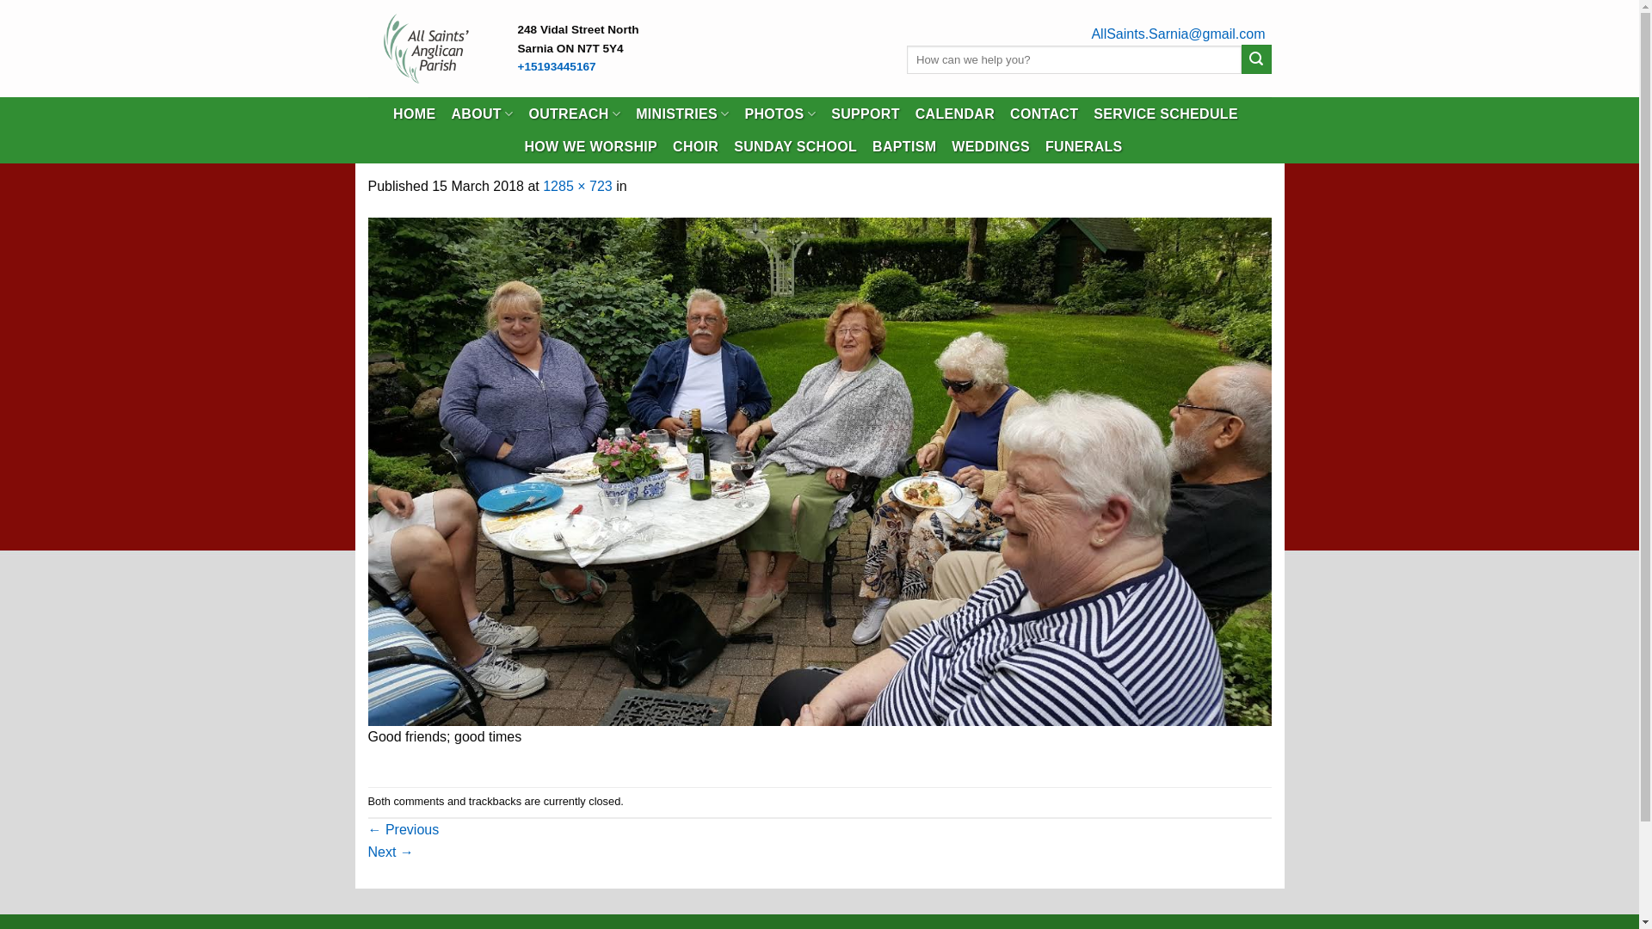 The width and height of the screenshot is (1652, 929). What do you see at coordinates (516, 65) in the screenshot?
I see `'+15193445167'` at bounding box center [516, 65].